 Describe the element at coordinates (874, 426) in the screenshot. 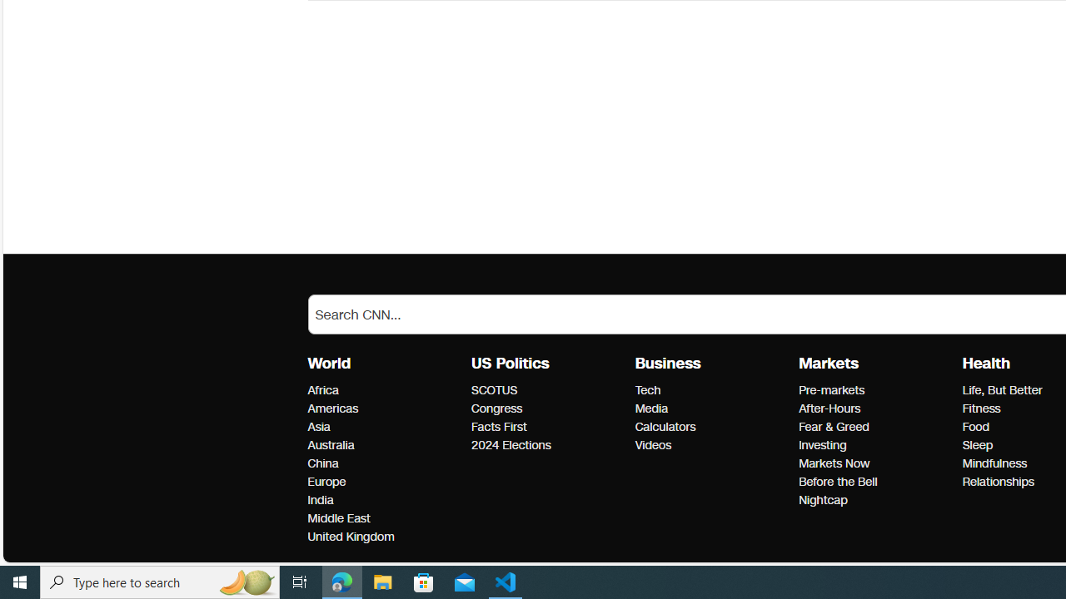

I see `'Fear & Greed'` at that location.